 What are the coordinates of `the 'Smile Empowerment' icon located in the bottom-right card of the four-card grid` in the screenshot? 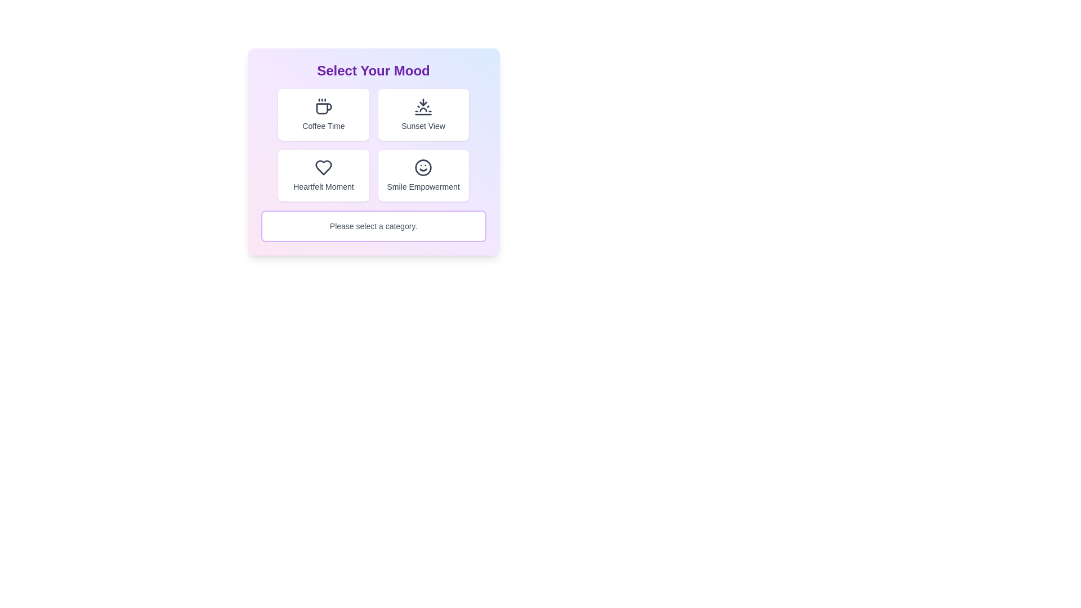 It's located at (423, 167).